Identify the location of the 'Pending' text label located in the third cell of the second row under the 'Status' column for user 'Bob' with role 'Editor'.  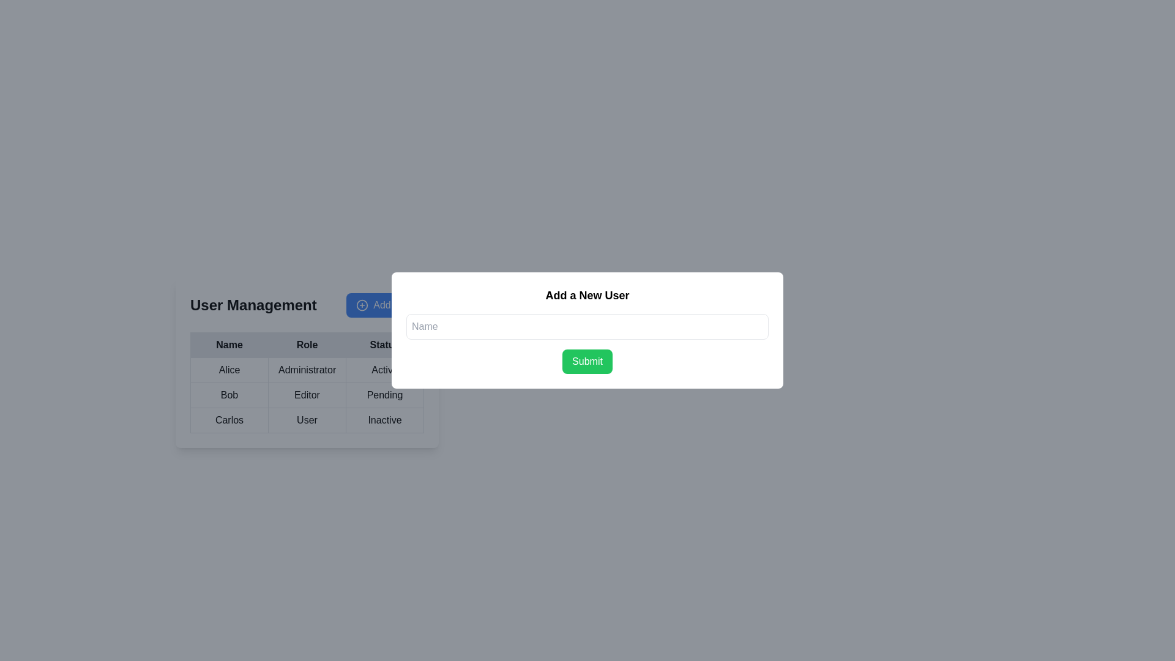
(384, 395).